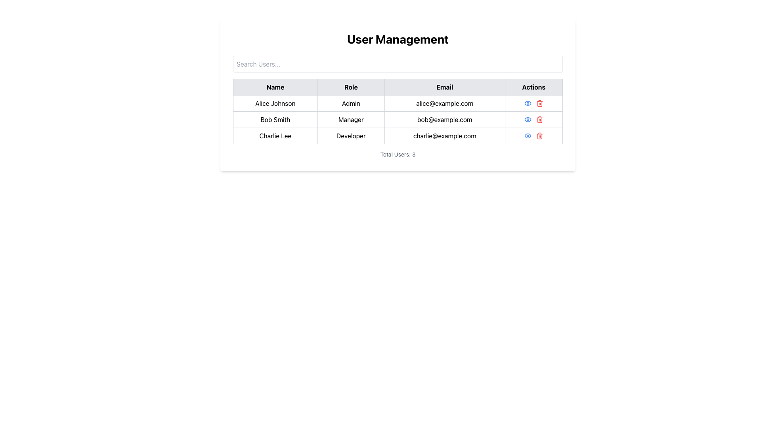 The image size is (761, 428). What do you see at coordinates (398, 154) in the screenshot?
I see `text element that serves as a summary indicator showing the total number of users listed in the table above, located beneath the table` at bounding box center [398, 154].